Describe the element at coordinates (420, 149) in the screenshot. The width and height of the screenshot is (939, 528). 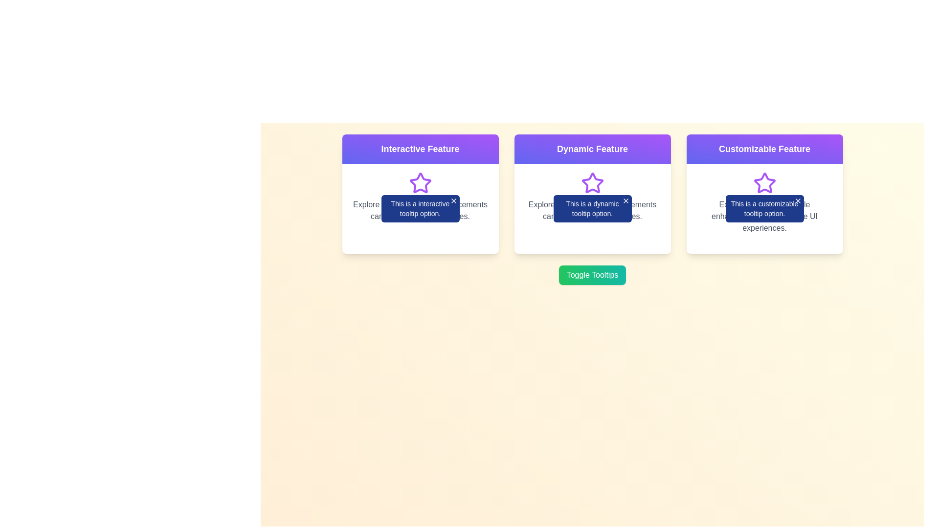
I see `the text label displaying 'Interactive Feature' which is located at the top-center of the first card in a horizontal row of three cards, with a vivid gradient background` at that location.